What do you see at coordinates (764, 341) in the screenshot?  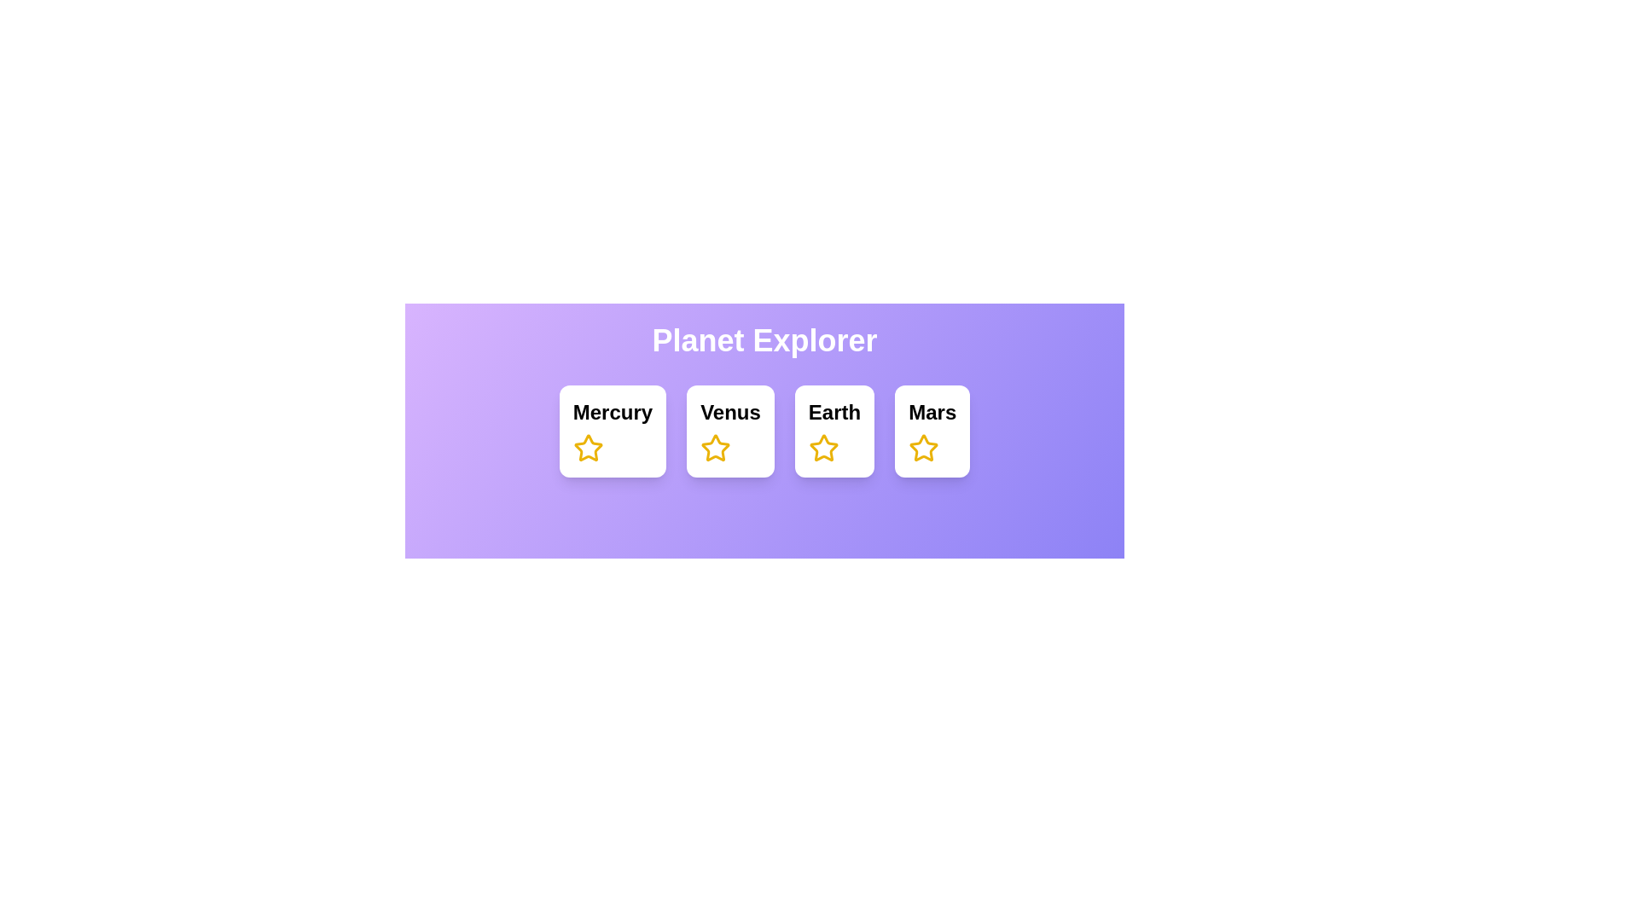 I see `the 'Planet Explorer' header, which is a large, bold, centered text element displaying 'Planet Explorer' in white color with a gradient background from purple to indigo` at bounding box center [764, 341].